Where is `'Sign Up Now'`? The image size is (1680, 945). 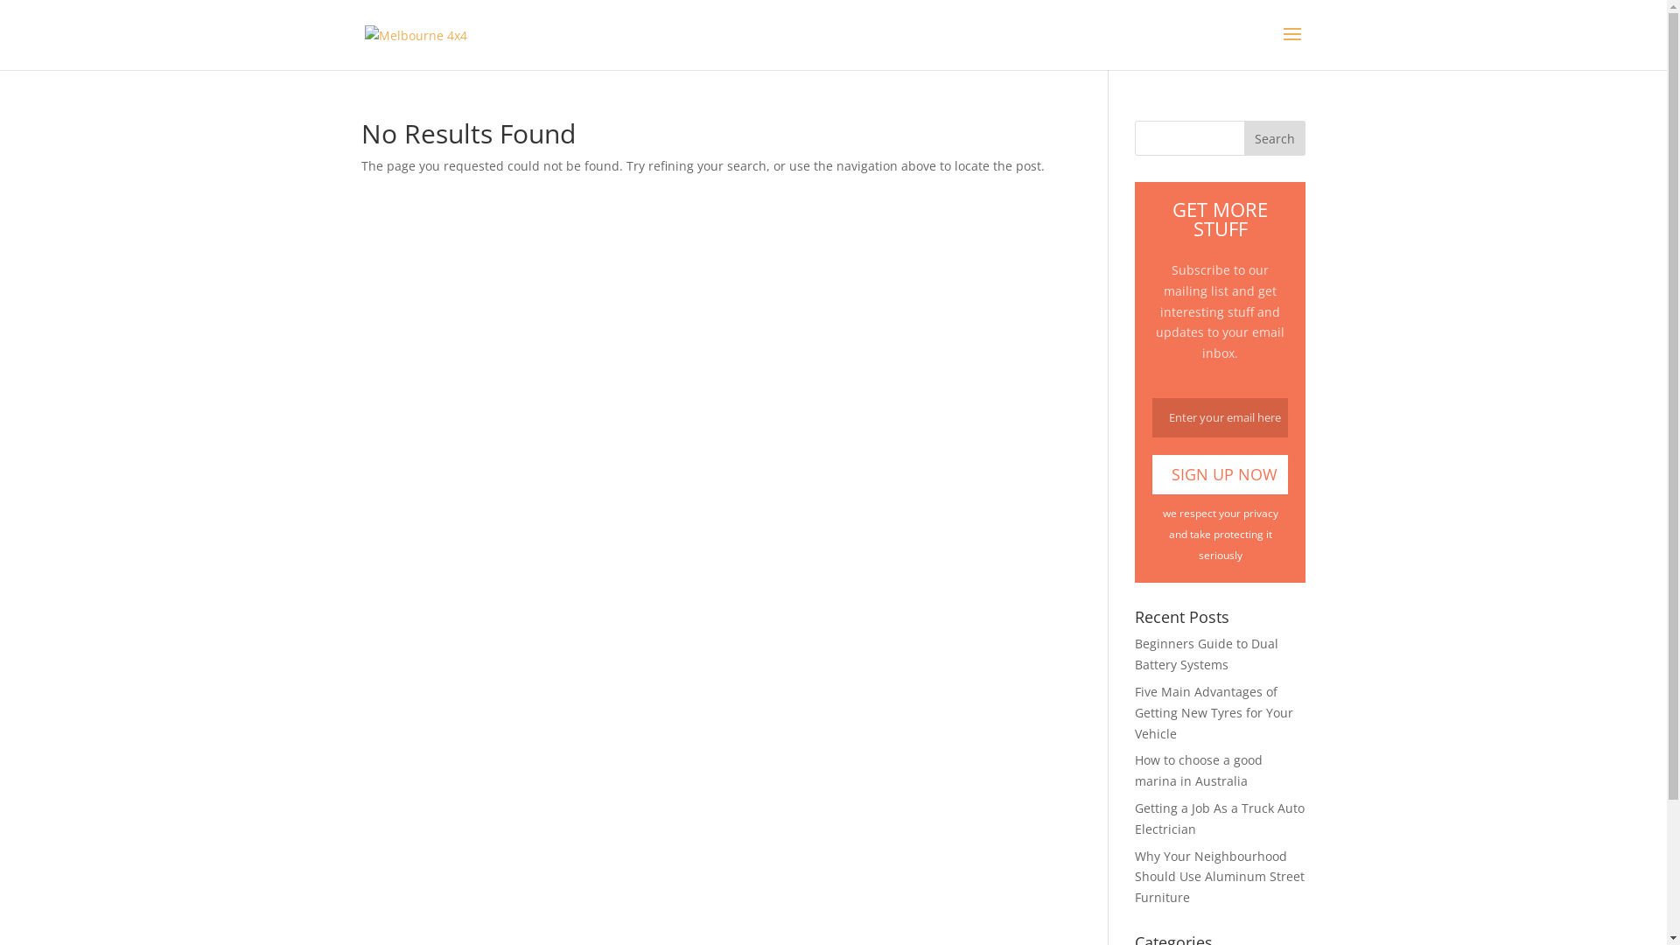 'Sign Up Now' is located at coordinates (1219, 474).